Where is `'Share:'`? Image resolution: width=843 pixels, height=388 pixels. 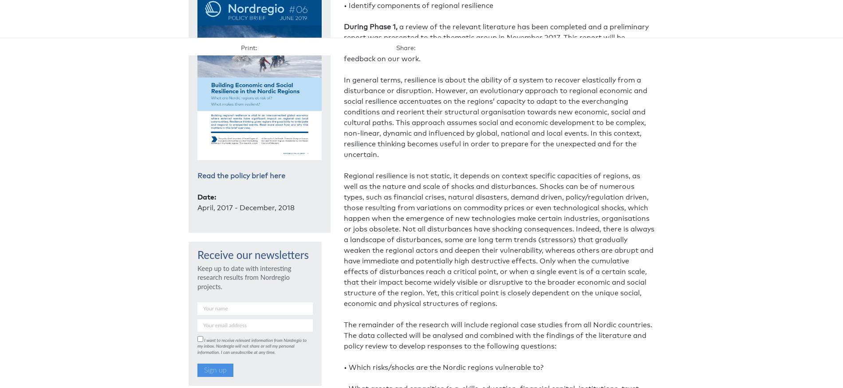
'Share:' is located at coordinates (405, 48).